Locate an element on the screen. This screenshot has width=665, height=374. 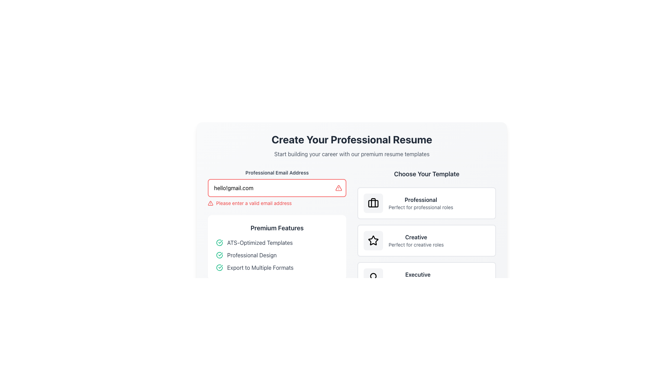
the informative text area that serves as a welcoming and introductory interface for users creating resumes, positioned at the top of the page above the email input field is located at coordinates (352, 145).